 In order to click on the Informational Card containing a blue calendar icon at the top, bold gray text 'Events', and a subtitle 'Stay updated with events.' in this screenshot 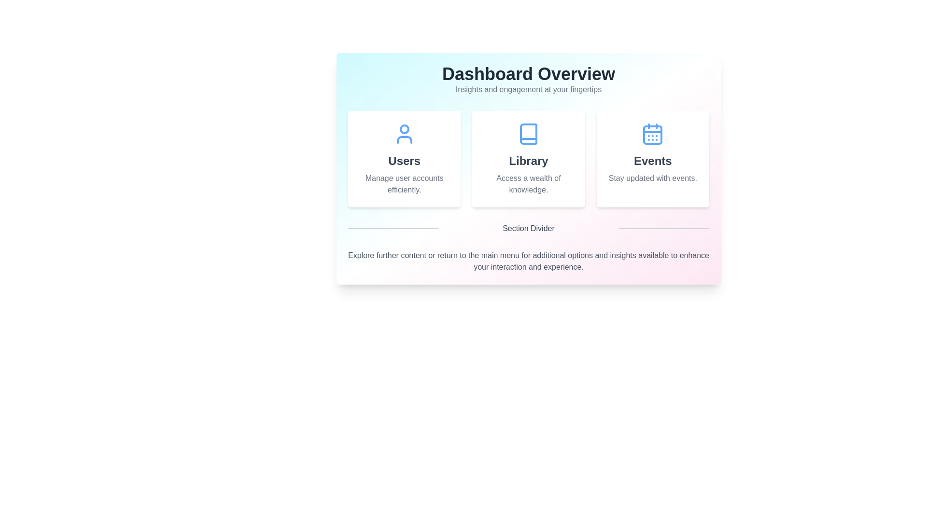, I will do `click(653, 159)`.